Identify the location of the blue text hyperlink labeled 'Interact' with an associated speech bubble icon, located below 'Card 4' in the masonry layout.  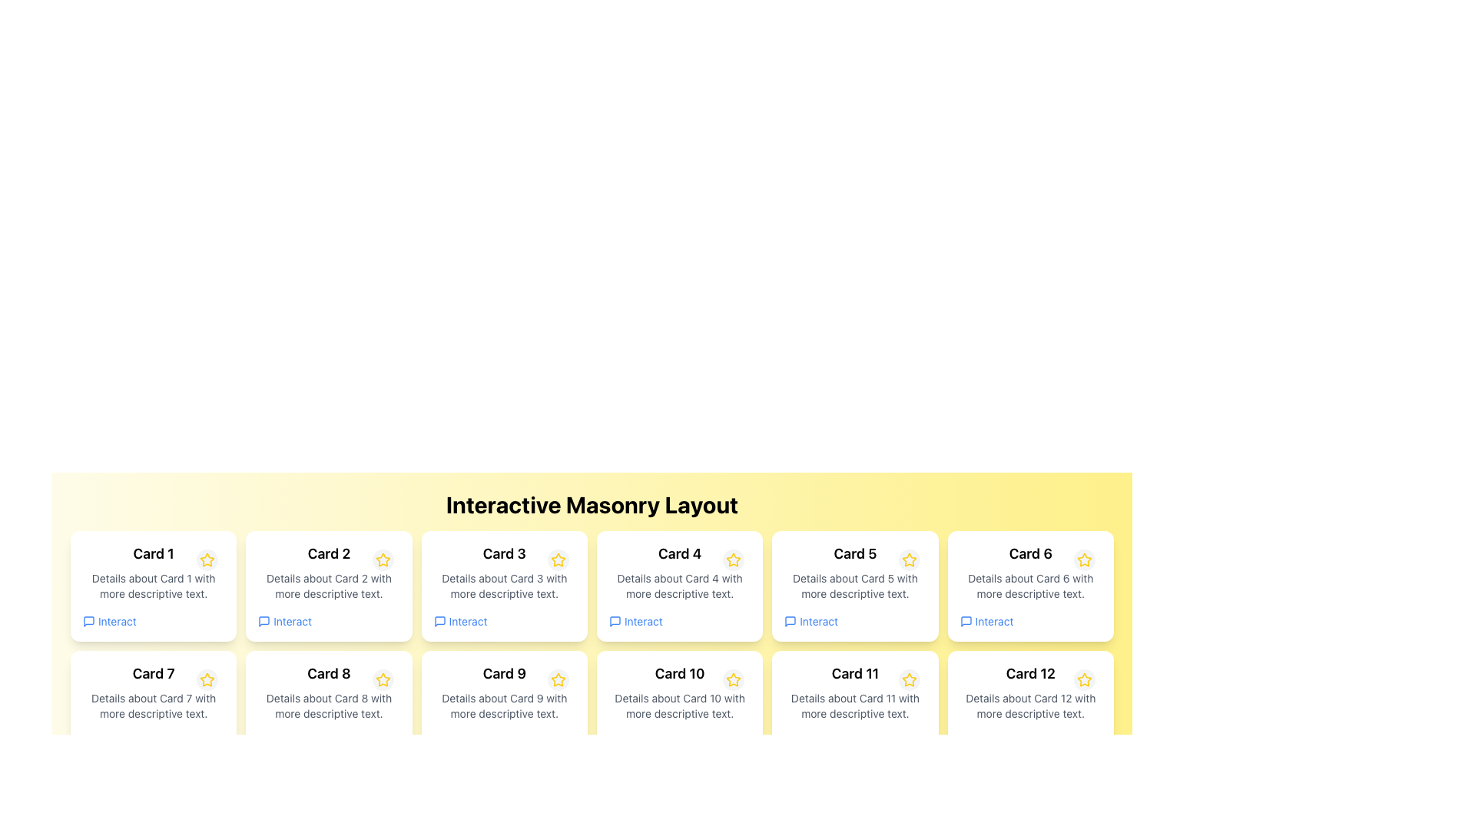
(635, 621).